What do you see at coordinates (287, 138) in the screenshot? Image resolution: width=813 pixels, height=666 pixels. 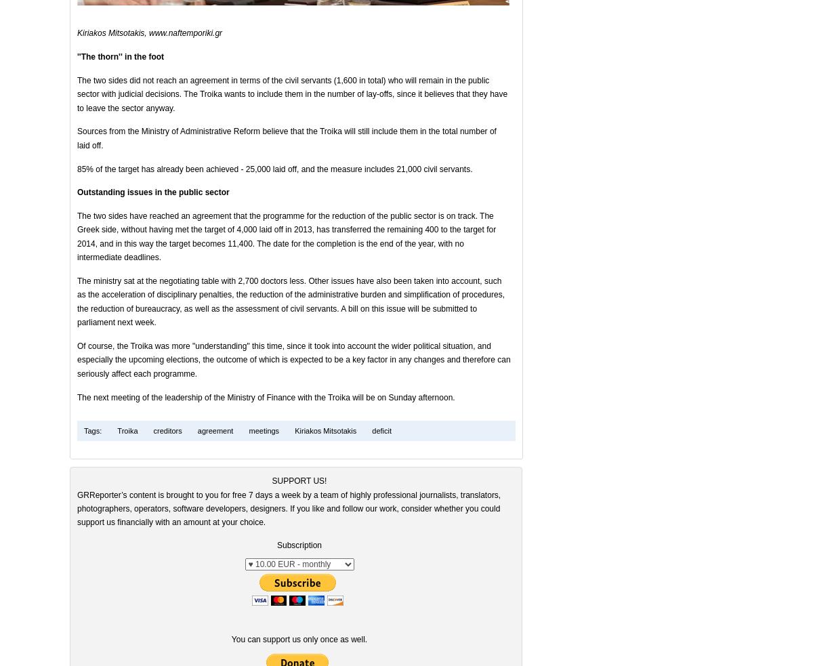 I see `'Sources from the Ministry of Administrative Reform believe that the Troika will still include them in the total number of laid off.'` at bounding box center [287, 138].